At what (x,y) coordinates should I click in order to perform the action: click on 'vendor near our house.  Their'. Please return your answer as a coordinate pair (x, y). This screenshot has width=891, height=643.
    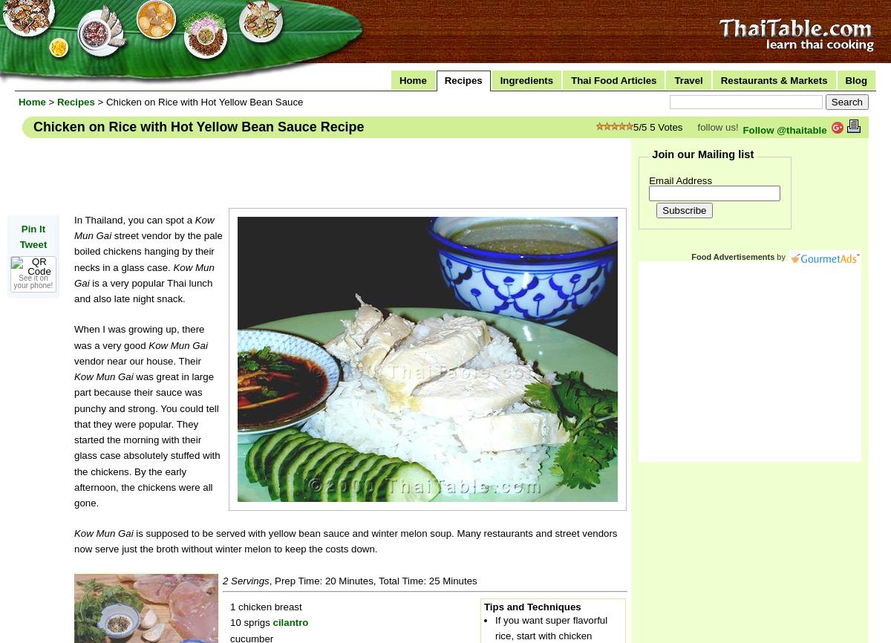
    Looking at the image, I should click on (137, 360).